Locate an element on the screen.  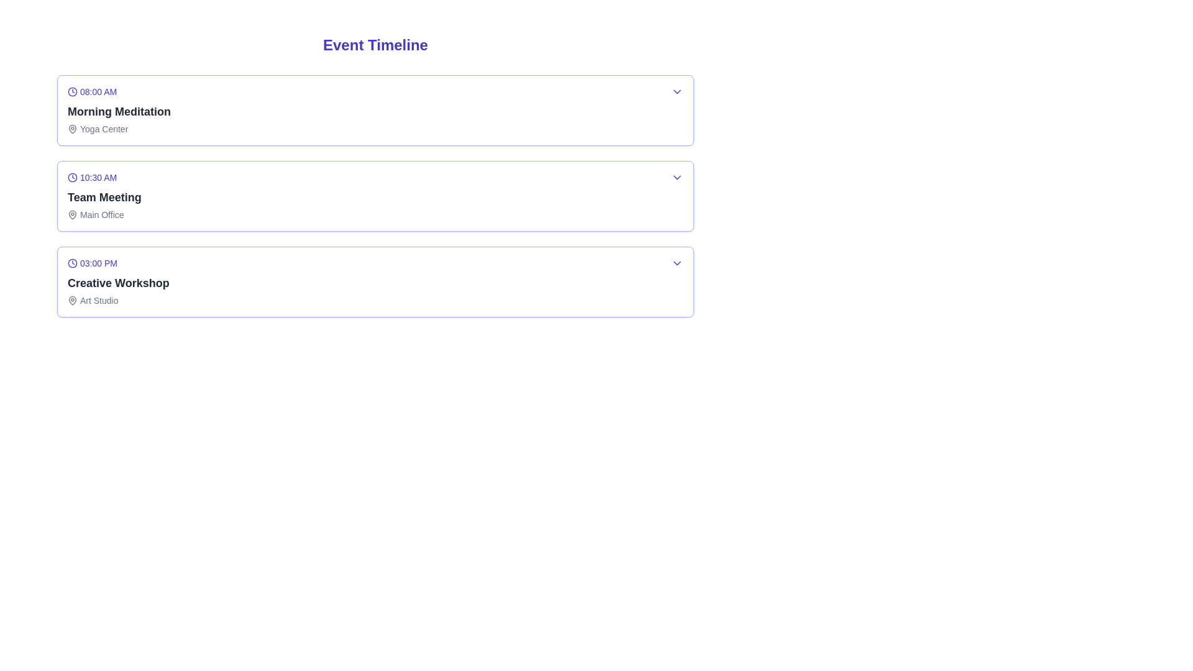
the location indication icon that visually complements the text 'Main Office' in the second list item of the timeline display for the event 'Team Meeting.' is located at coordinates (71, 213).